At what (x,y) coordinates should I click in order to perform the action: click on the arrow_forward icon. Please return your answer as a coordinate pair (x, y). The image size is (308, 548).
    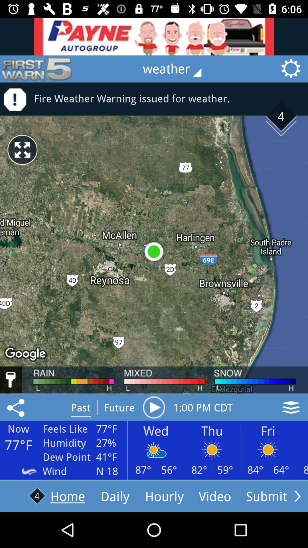
    Looking at the image, I should click on (297, 496).